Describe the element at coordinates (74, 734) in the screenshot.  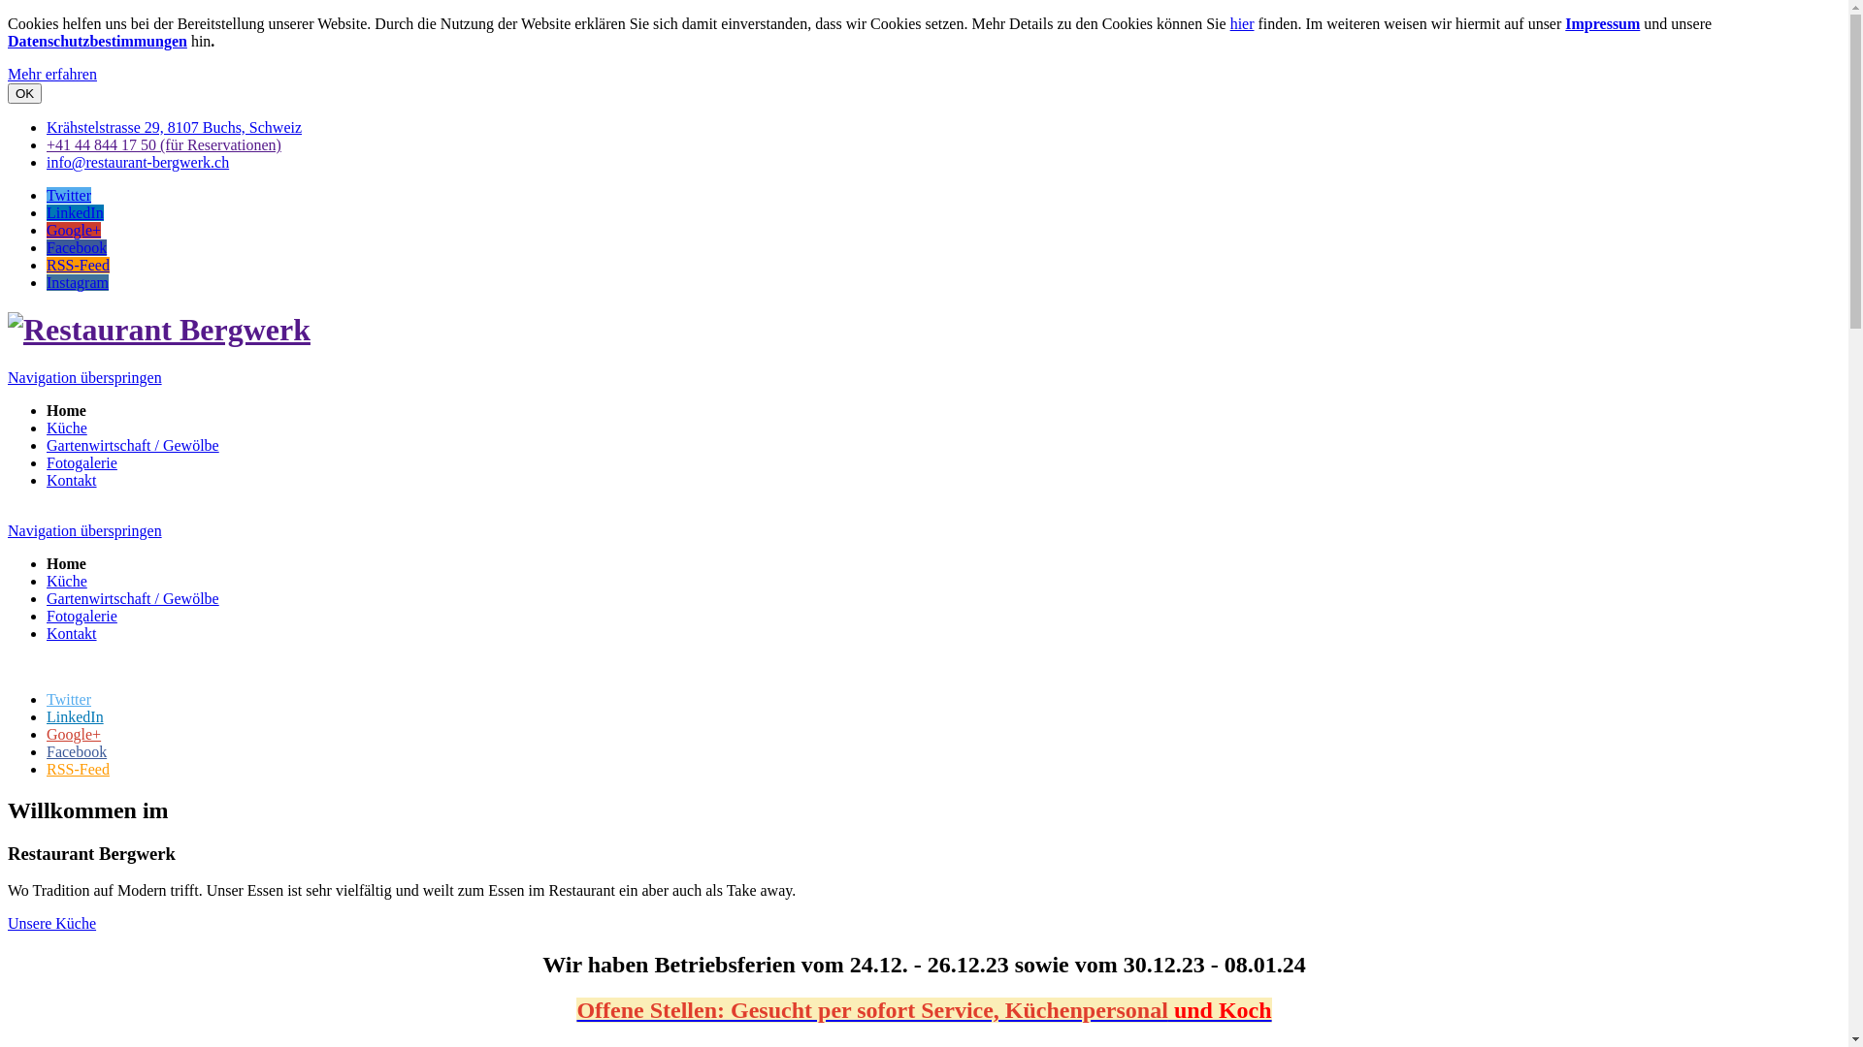
I see `'Google+'` at that location.